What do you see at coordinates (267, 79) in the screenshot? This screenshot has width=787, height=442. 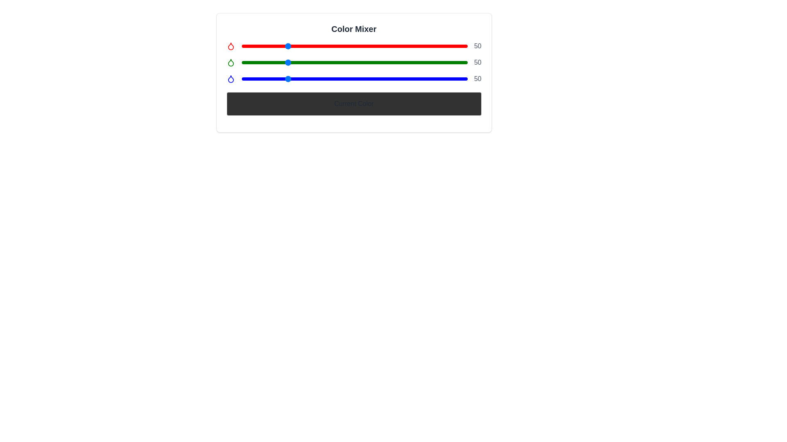 I see `the blue slider to set its value to 29` at bounding box center [267, 79].